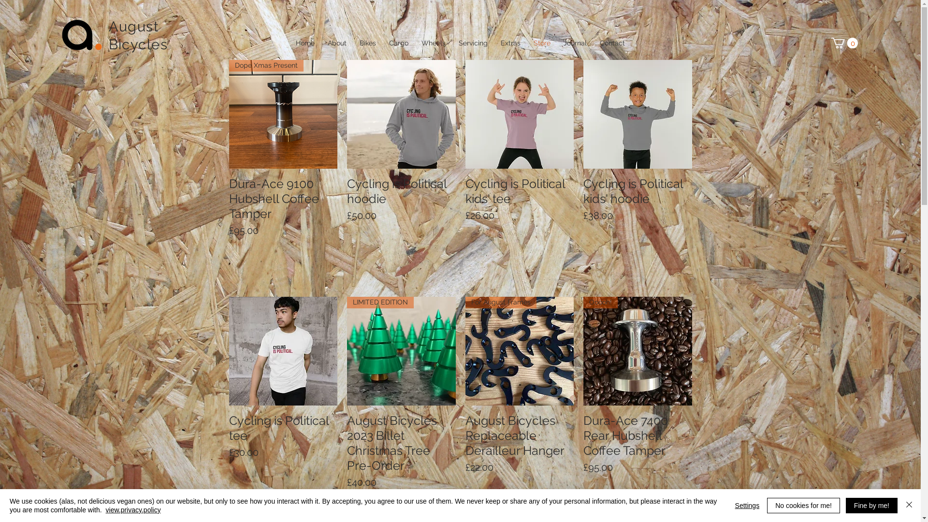  Describe the element at coordinates (575, 42) in the screenshot. I see `'Journal'` at that location.